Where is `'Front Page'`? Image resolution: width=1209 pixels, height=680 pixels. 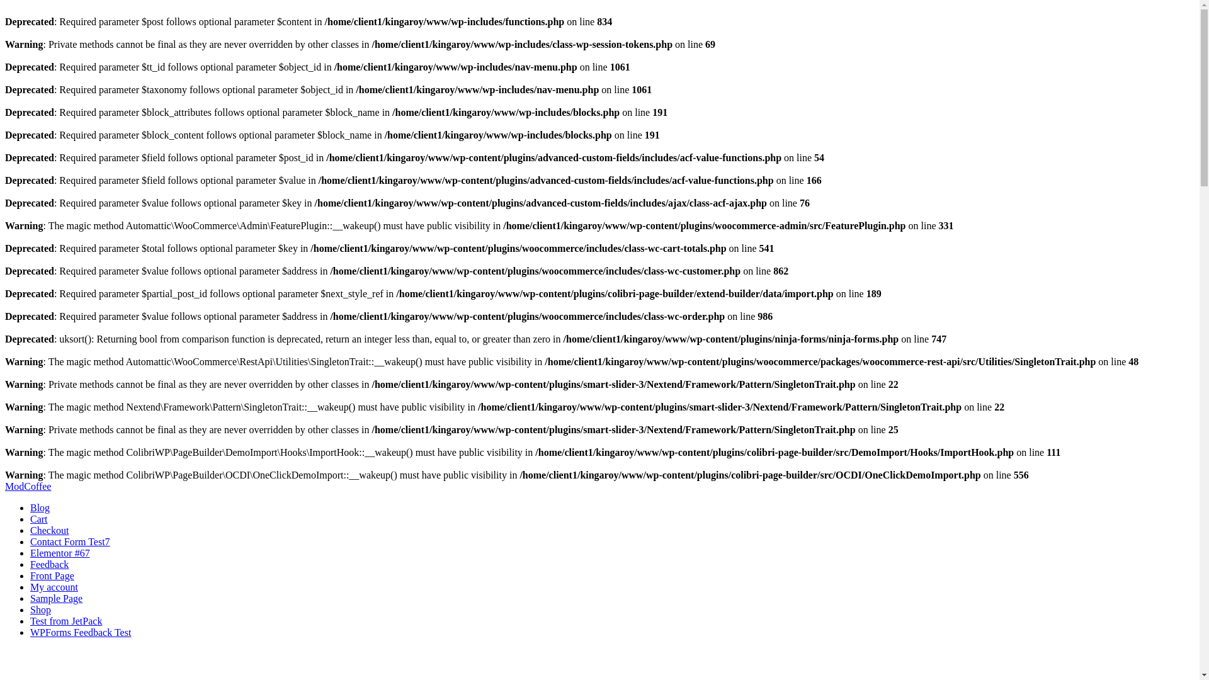
'Front Page' is located at coordinates (51, 575).